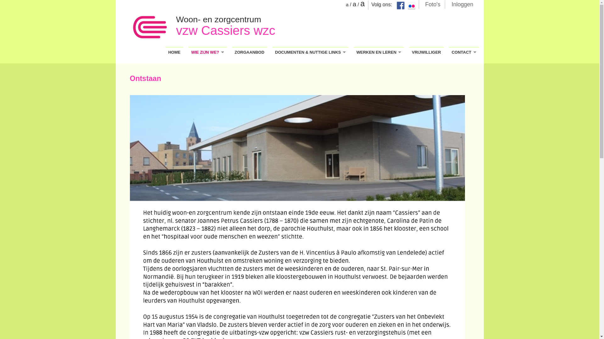  Describe the element at coordinates (426, 51) in the screenshot. I see `'VRIJWILLIGER'` at that location.